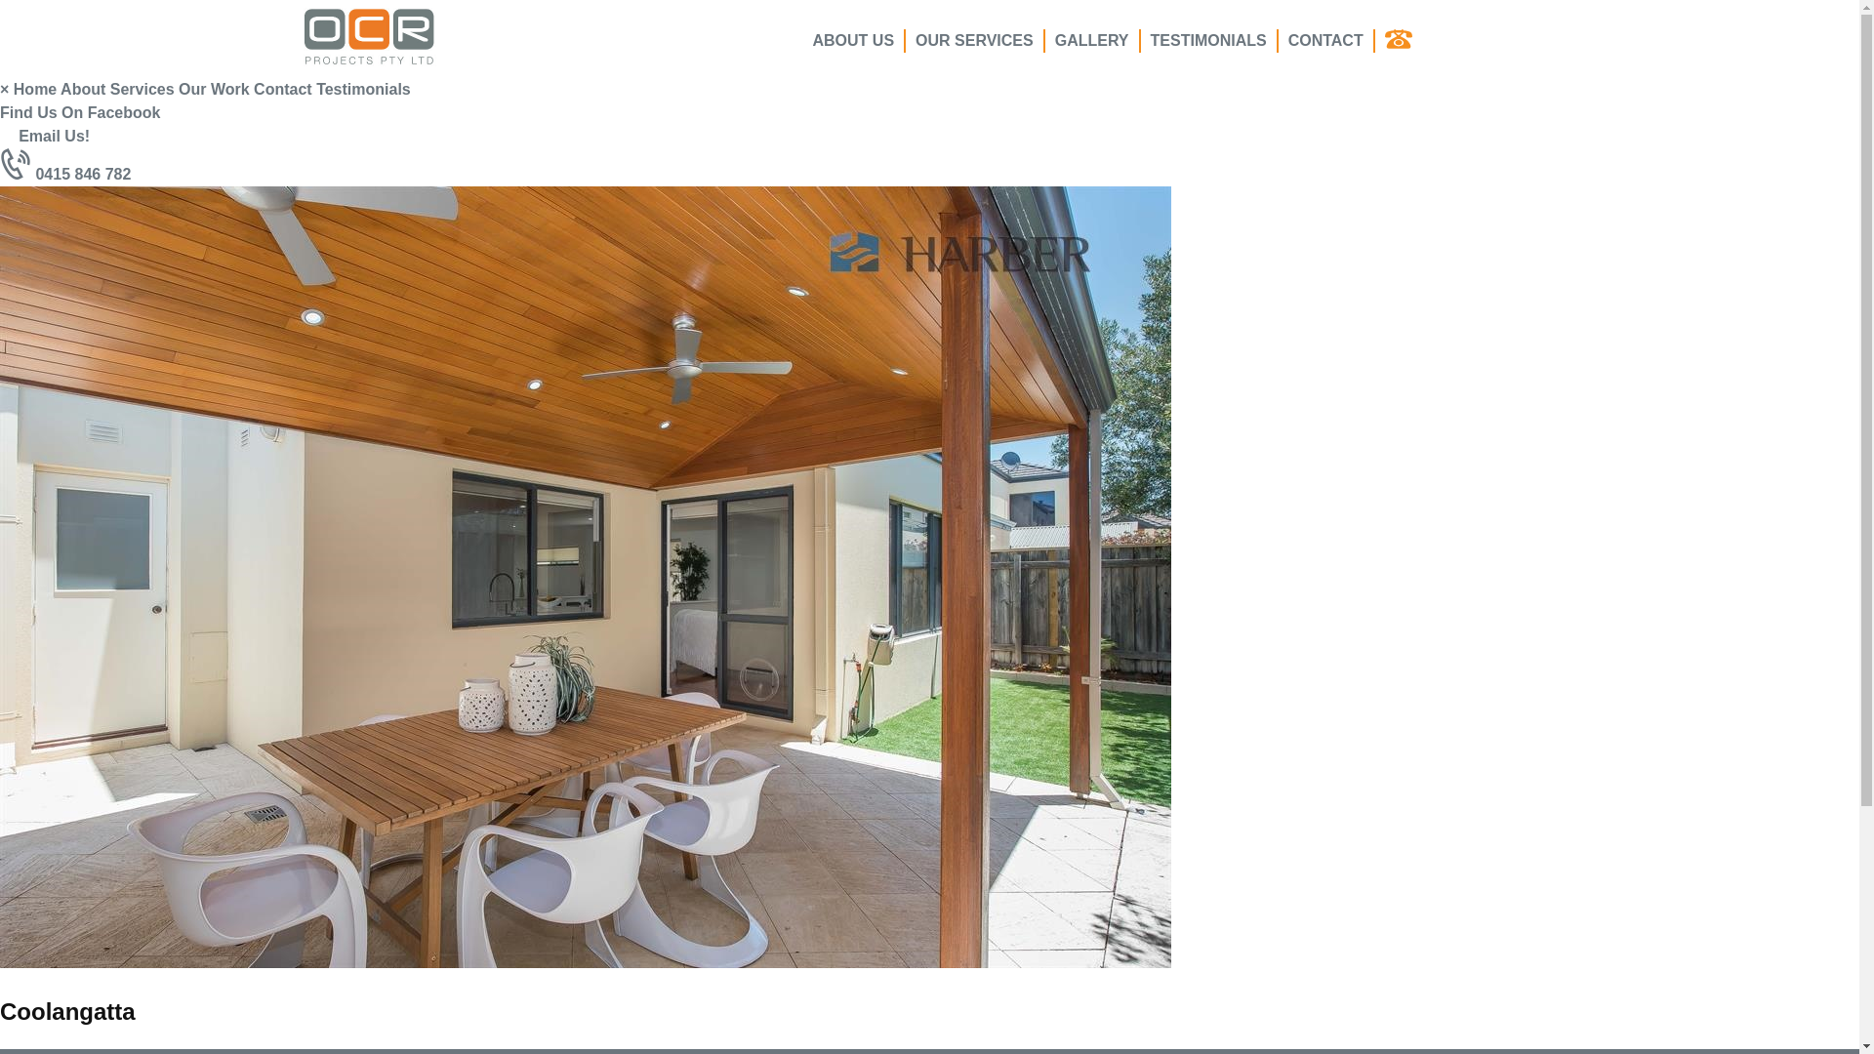 The width and height of the screenshot is (1874, 1054). I want to click on '0415 846 782', so click(65, 173).